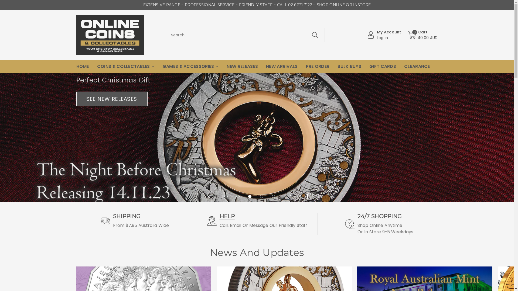 Image resolution: width=518 pixels, height=291 pixels. Describe the element at coordinates (282, 66) in the screenshot. I see `'NEW ARRIVALS'` at that location.